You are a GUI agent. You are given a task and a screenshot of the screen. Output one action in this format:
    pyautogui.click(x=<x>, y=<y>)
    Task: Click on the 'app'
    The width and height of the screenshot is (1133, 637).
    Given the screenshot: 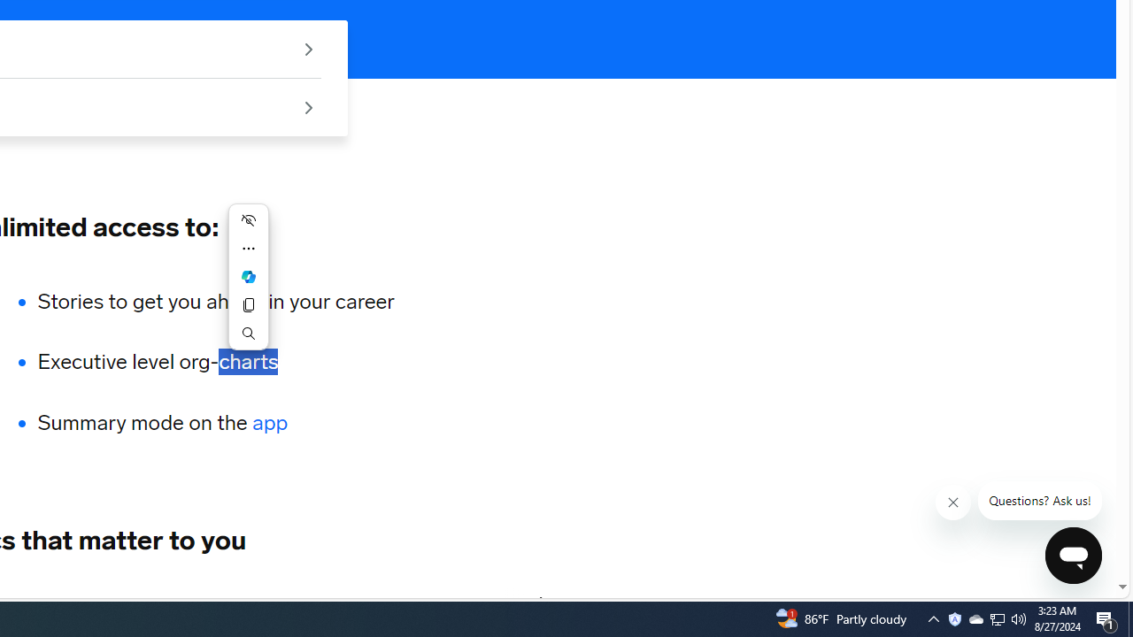 What is the action you would take?
    pyautogui.click(x=269, y=423)
    